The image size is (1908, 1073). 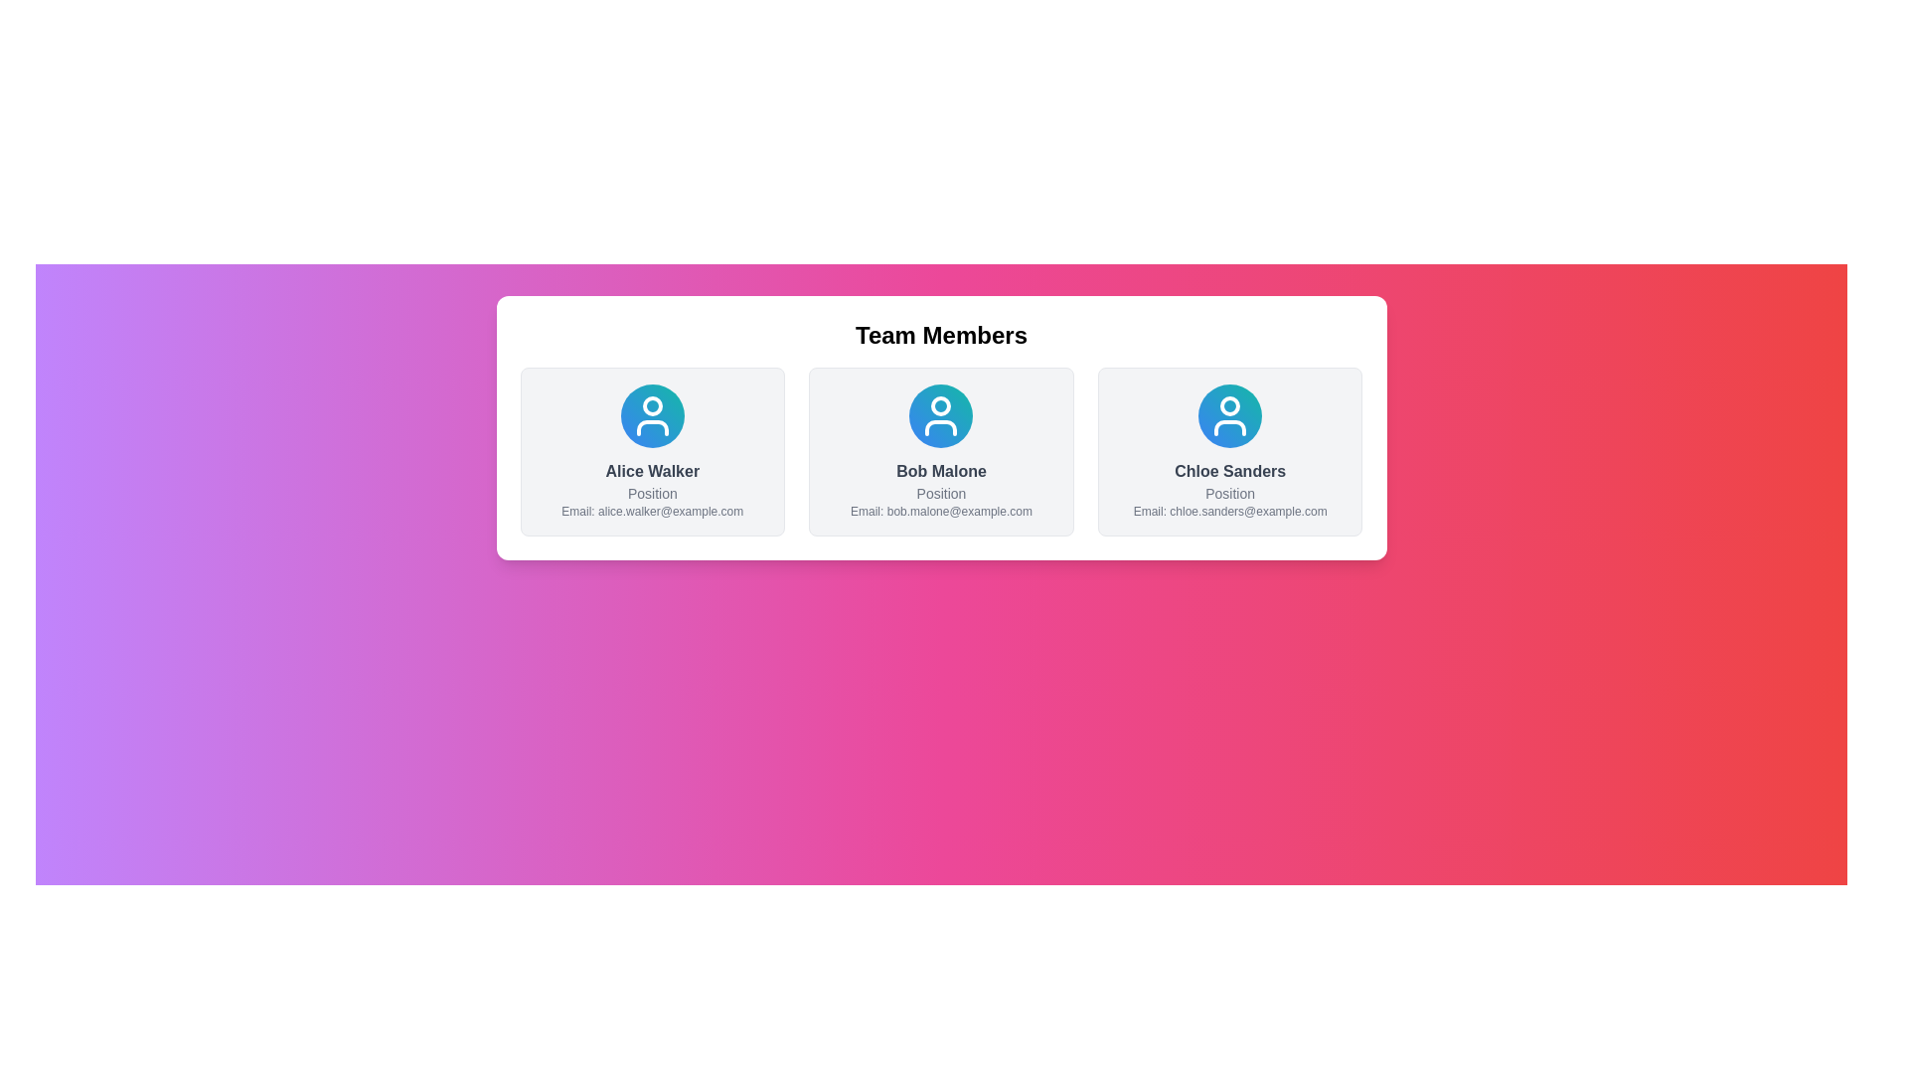 I want to click on the user icon representing 'Bob Malone' located at the center of his profile card, which is the middle card in a horizontal row of three cards, so click(x=940, y=415).